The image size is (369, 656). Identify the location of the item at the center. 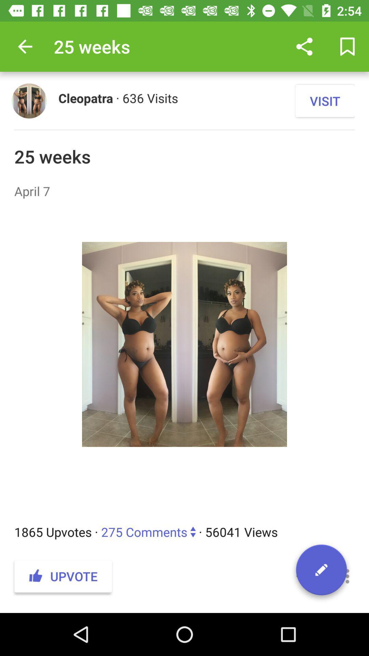
(184, 361).